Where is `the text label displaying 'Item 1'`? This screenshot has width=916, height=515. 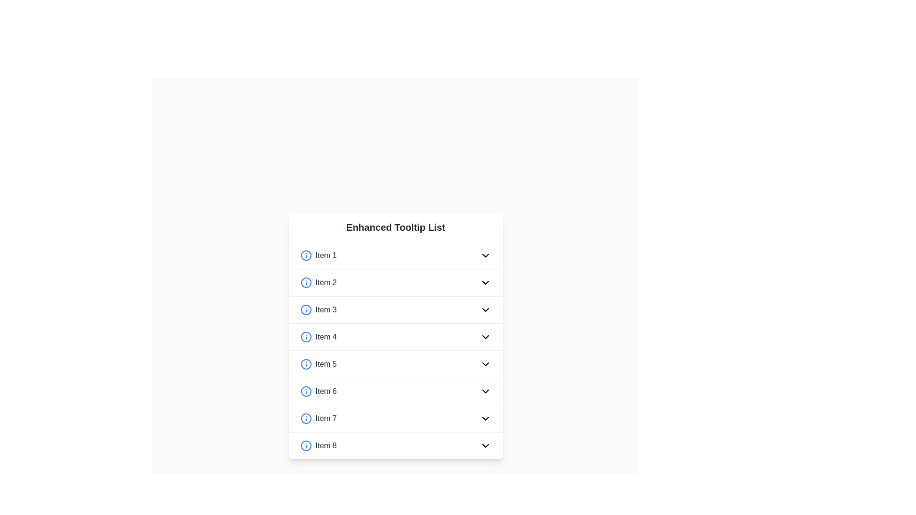
the text label displaying 'Item 1' is located at coordinates (326, 255).